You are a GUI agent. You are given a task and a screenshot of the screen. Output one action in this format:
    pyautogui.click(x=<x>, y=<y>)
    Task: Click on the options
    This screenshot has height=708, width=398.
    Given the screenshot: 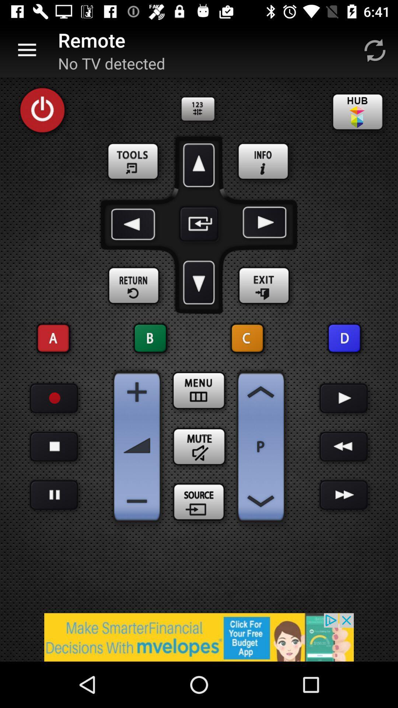 What is the action you would take?
    pyautogui.click(x=134, y=162)
    